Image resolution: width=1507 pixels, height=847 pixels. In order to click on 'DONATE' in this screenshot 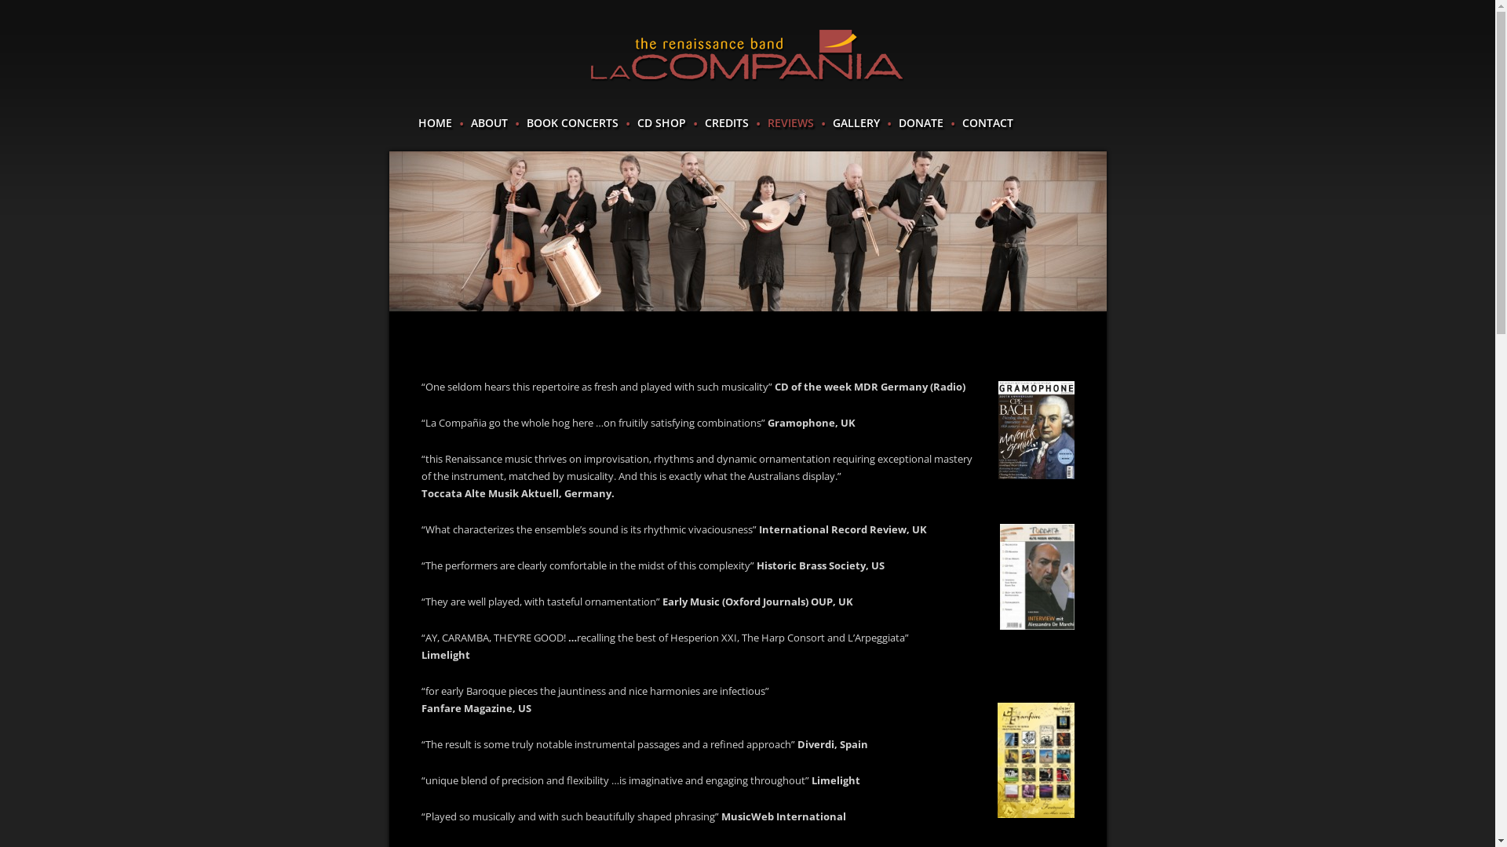, I will do `click(920, 122)`.